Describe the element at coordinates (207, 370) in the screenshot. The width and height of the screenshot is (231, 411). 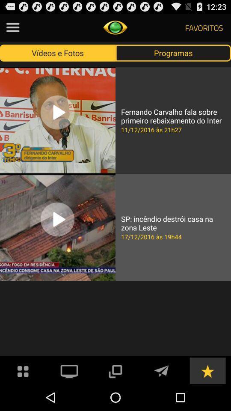
I see `to favorite list` at that location.